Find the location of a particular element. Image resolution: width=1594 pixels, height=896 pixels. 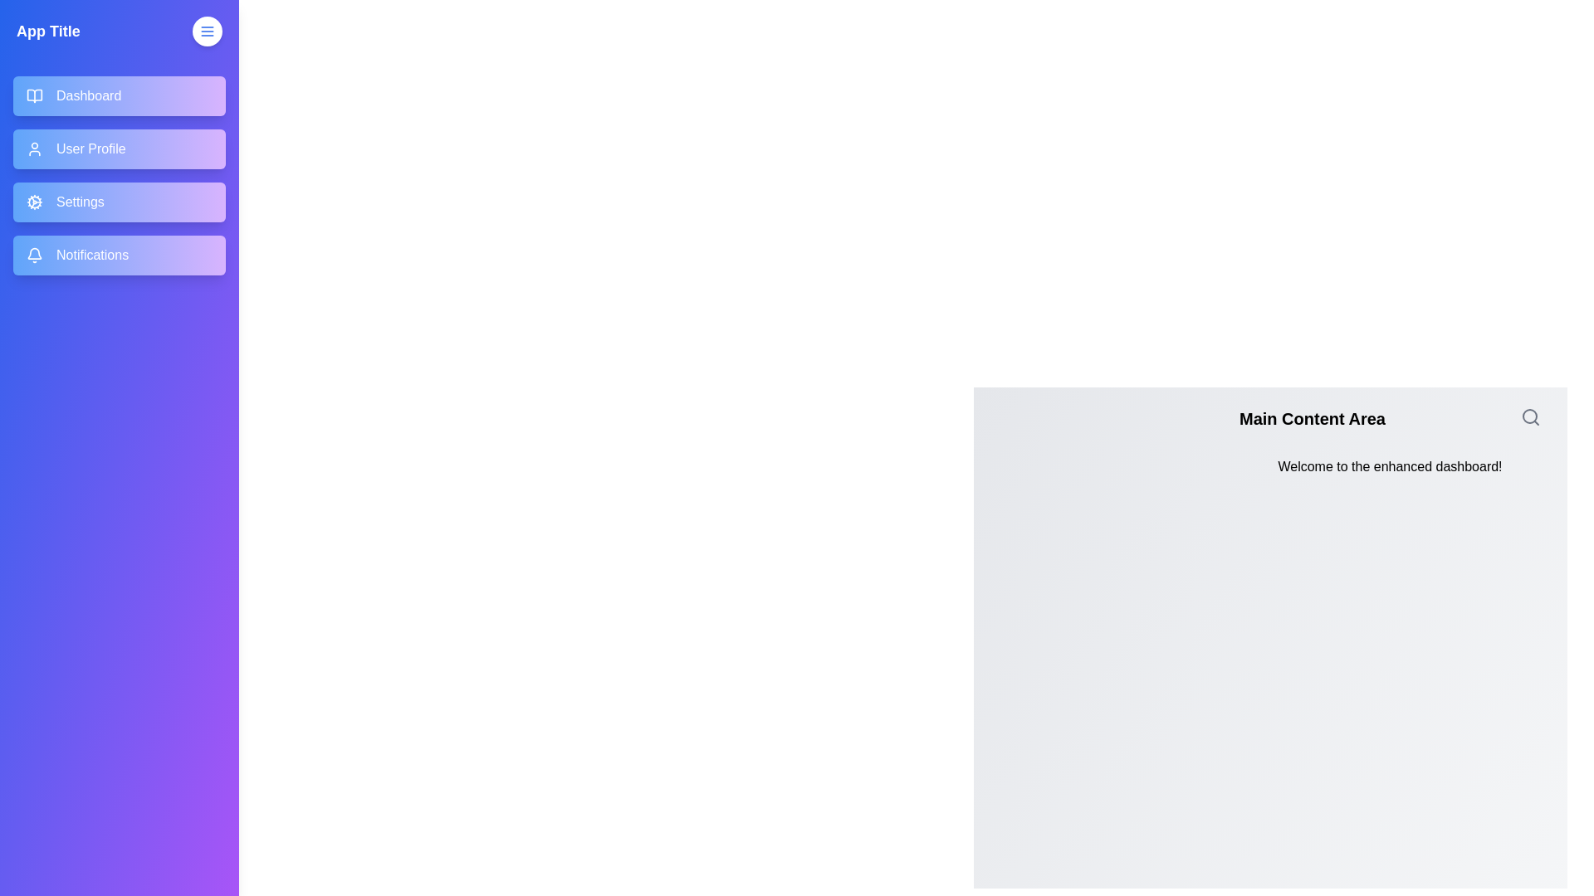

the menu item Notifications in the drawer is located at coordinates (119, 256).